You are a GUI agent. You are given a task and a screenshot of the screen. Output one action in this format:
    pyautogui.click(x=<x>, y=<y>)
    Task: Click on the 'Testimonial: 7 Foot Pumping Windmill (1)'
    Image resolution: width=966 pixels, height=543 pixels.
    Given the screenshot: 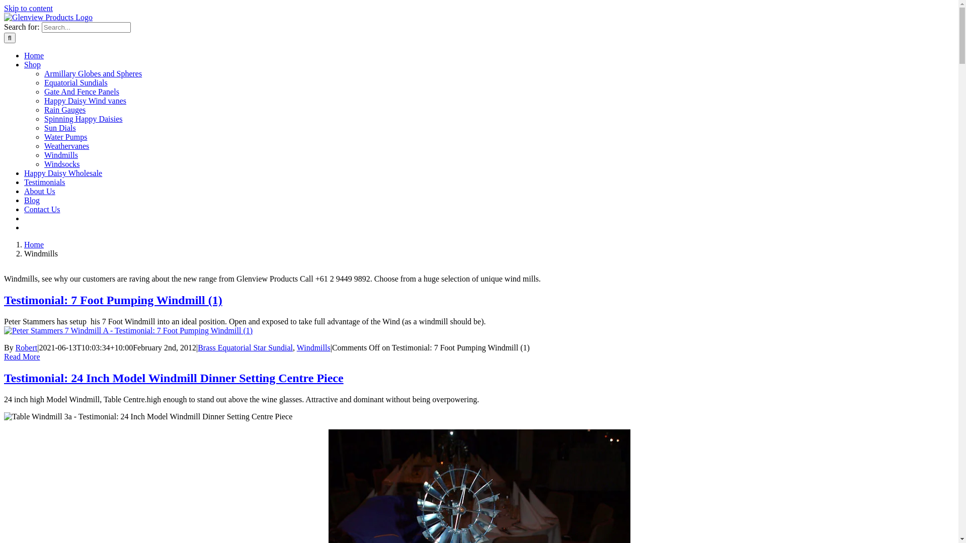 What is the action you would take?
    pyautogui.click(x=4, y=300)
    